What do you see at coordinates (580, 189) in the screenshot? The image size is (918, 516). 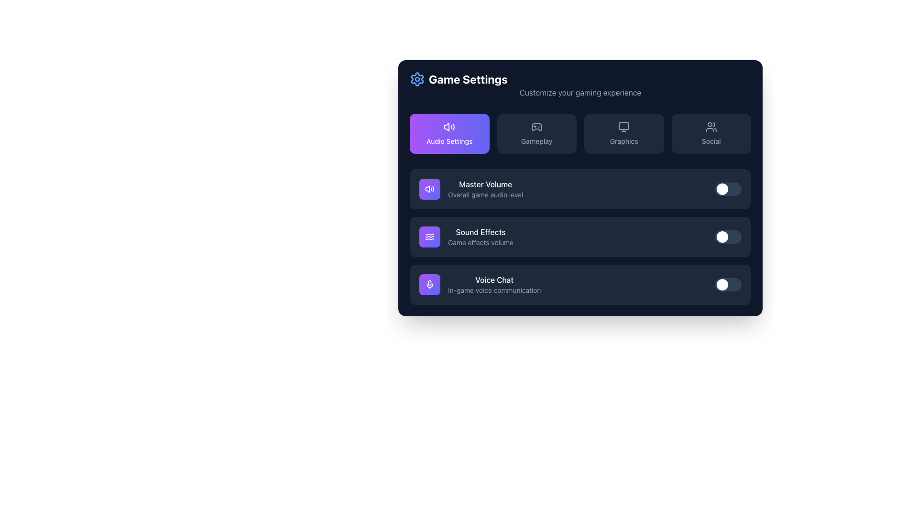 I see `the first Toggleable List Item under 'Game Settings'` at bounding box center [580, 189].